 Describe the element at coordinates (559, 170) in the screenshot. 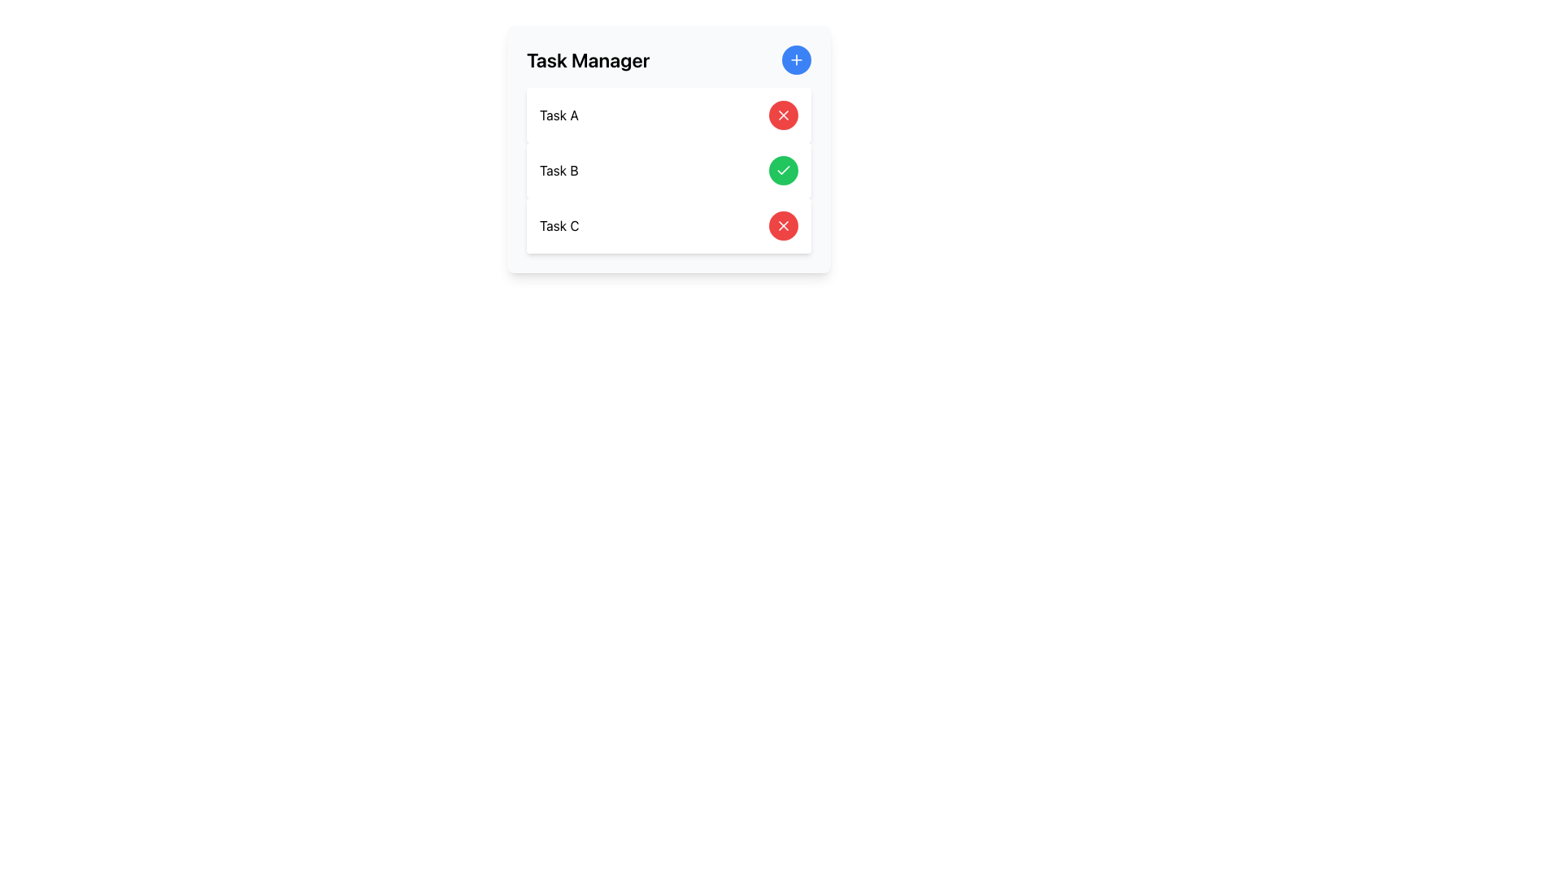

I see `on the text label representing 'Task B' in the task manager interface` at that location.